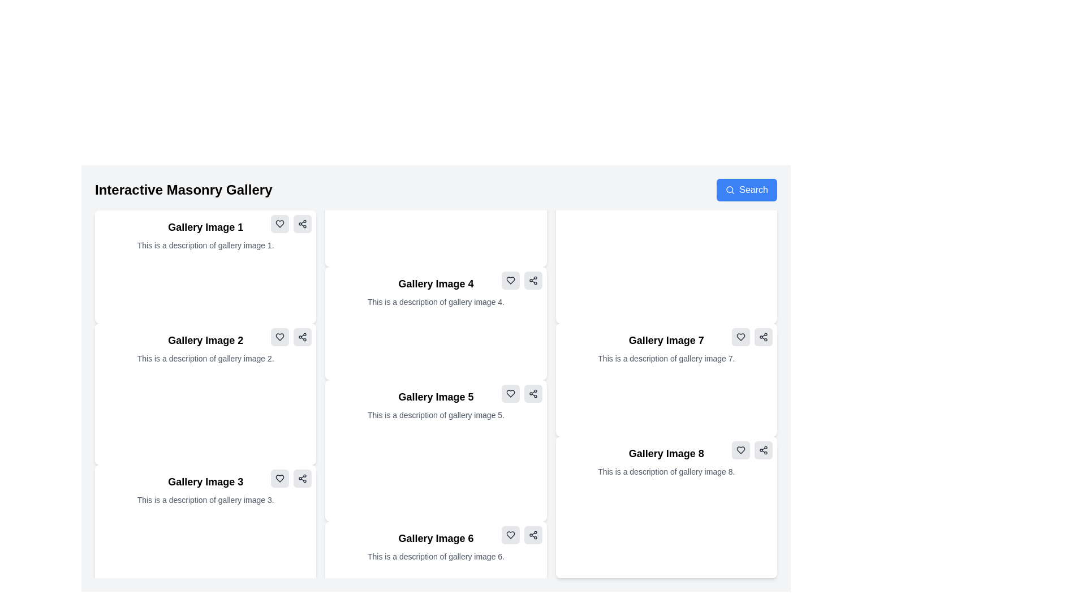 This screenshot has height=611, width=1086. Describe the element at coordinates (205, 394) in the screenshot. I see `the second Card component in the masonry grid` at that location.